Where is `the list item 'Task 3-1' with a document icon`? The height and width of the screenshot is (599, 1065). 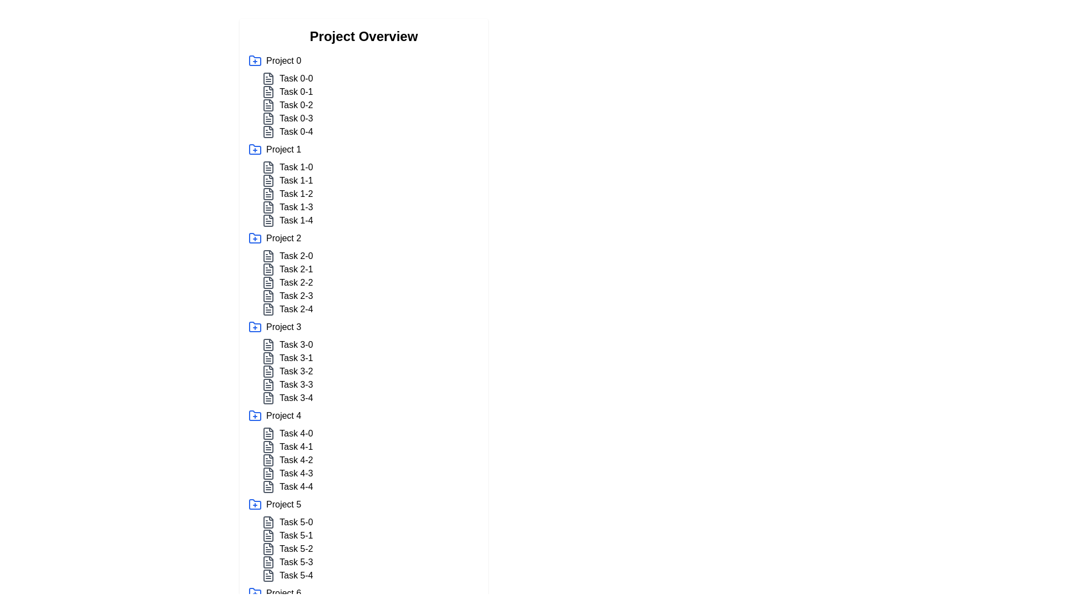 the list item 'Task 3-1' with a document icon is located at coordinates (370, 358).